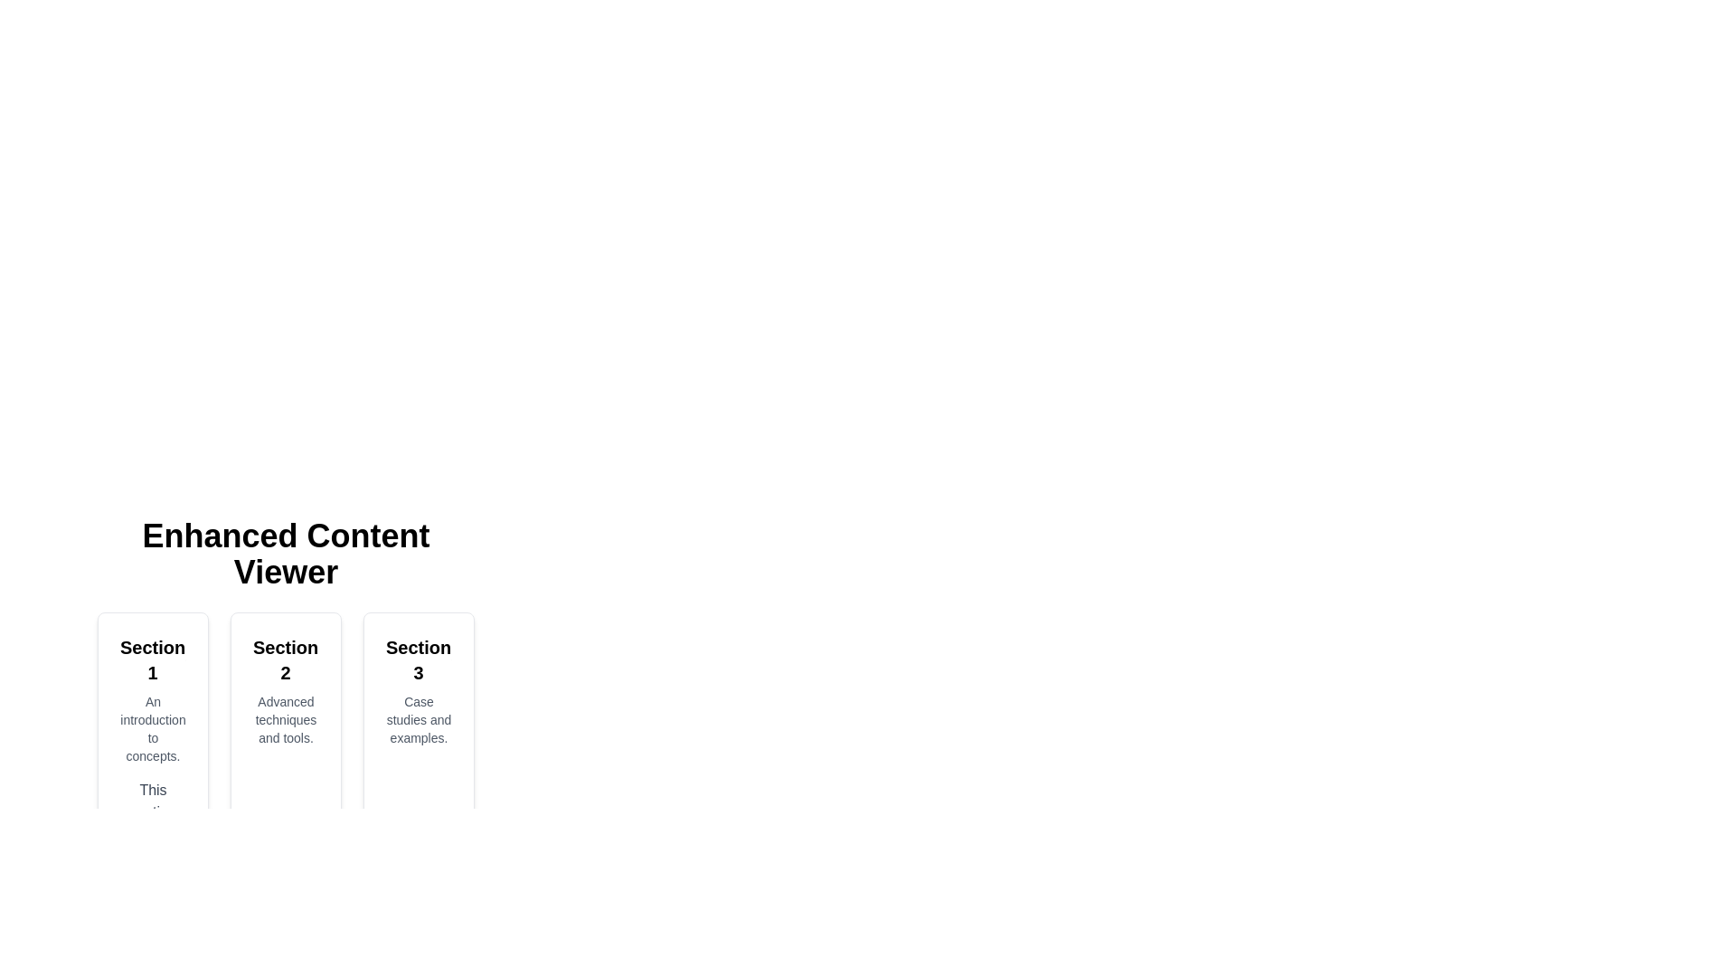  I want to click on the 'Section 2' text label, which is a bold and larger font styled header located at the top of a central card in a three-column layout, so click(285, 659).